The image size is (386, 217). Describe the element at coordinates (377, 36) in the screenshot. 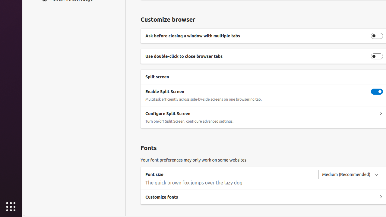

I see `'Ask before closing a window with multiple tabs'` at that location.